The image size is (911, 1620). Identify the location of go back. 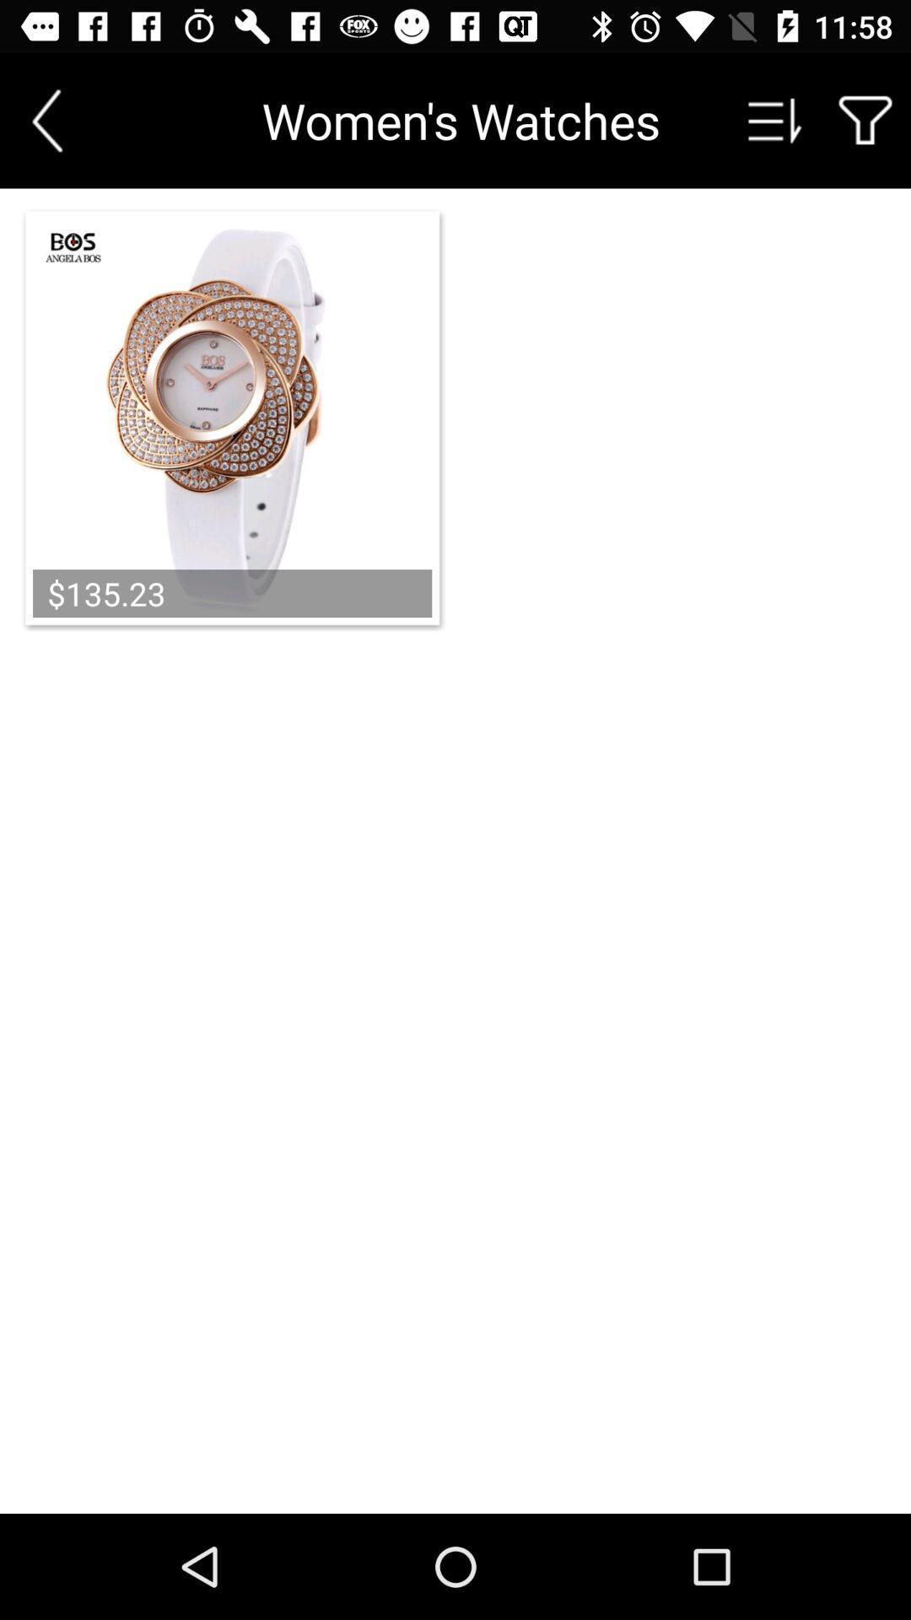
(46, 120).